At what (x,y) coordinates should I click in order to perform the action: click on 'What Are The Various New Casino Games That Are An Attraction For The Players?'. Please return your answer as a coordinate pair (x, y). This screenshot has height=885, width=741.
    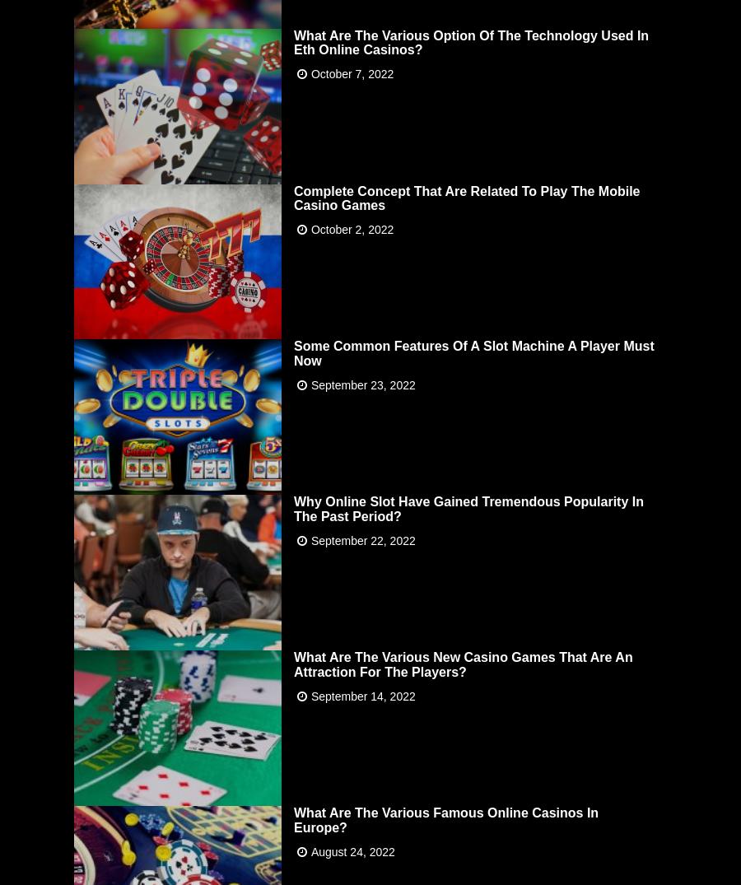
    Looking at the image, I should click on (294, 663).